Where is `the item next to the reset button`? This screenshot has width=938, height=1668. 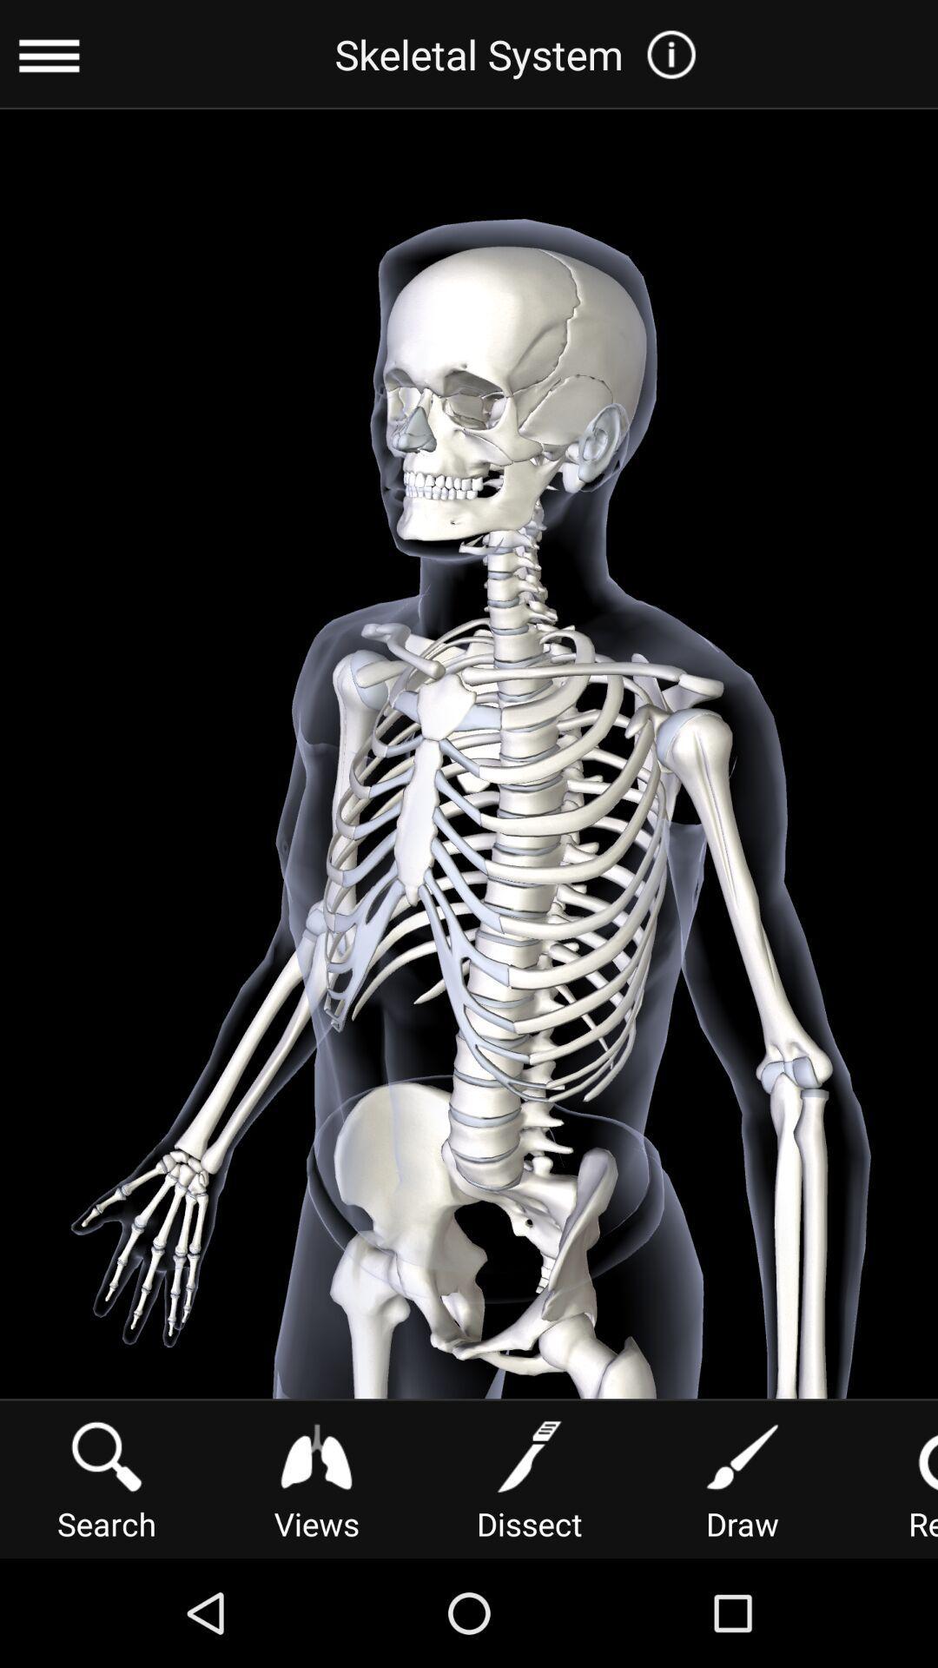
the item next to the reset button is located at coordinates (743, 1477).